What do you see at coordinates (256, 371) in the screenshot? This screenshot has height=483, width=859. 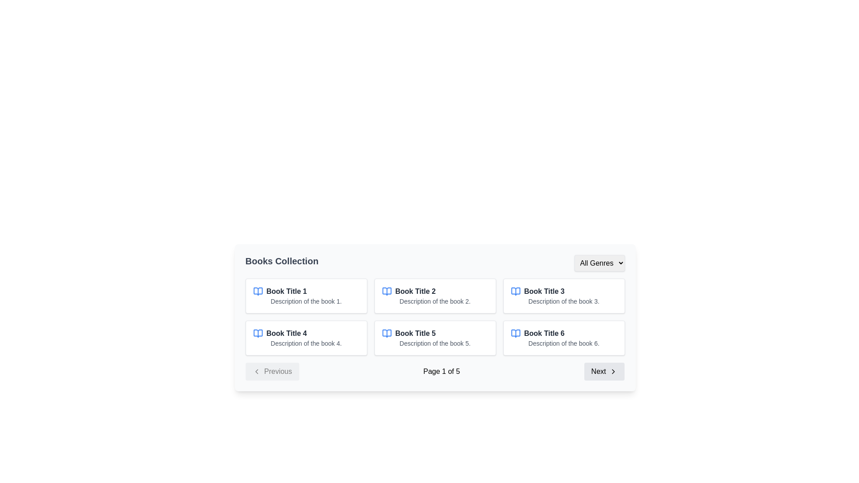 I see `the chevron icon located to the left of the 'Previous' button in the 'Books Collection' interface` at bounding box center [256, 371].